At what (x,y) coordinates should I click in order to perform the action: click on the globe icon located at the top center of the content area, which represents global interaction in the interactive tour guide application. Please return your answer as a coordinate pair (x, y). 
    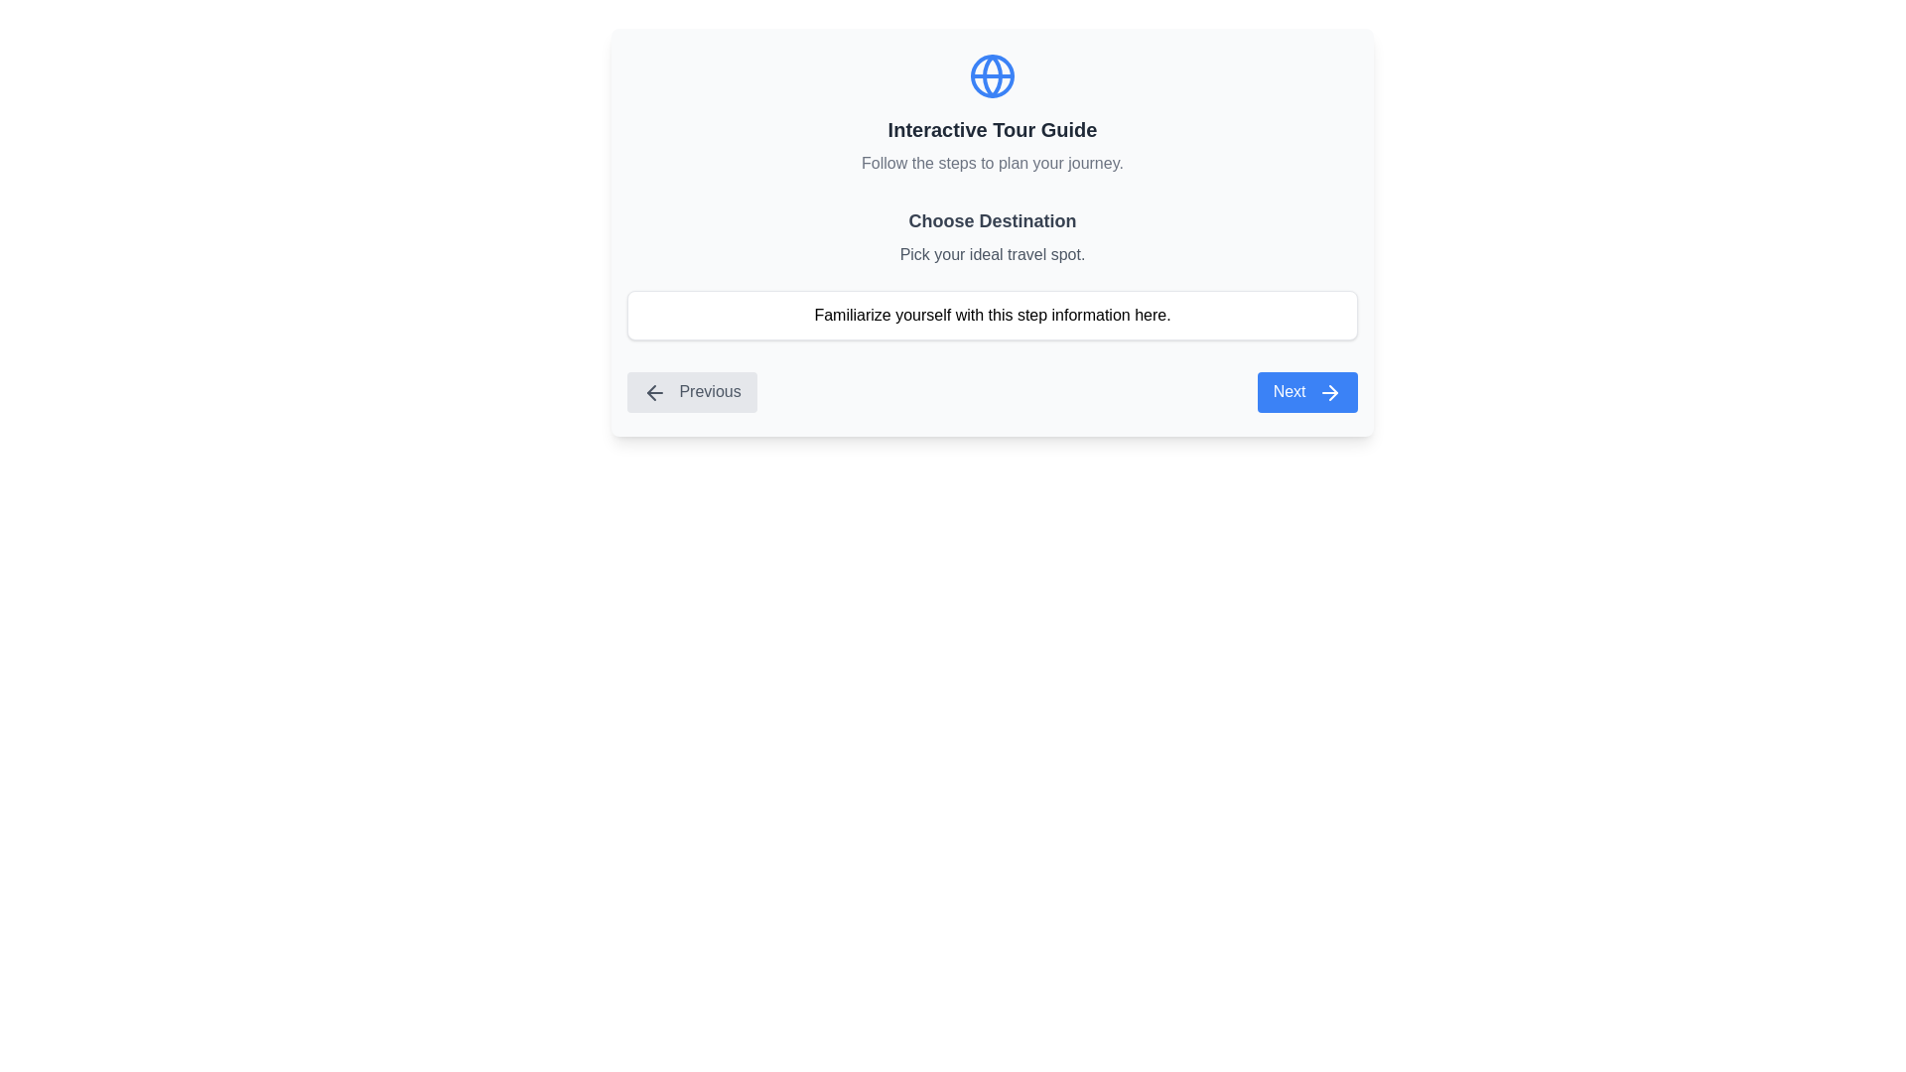
    Looking at the image, I should click on (992, 75).